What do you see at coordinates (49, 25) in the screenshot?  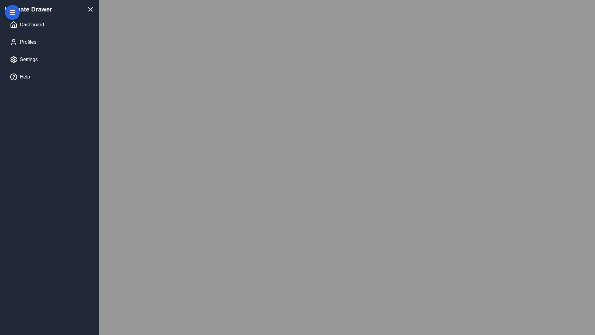 I see `the first navigation menu item button labeled 'Dashboard' in the sidebar menu for potential visual feedback` at bounding box center [49, 25].